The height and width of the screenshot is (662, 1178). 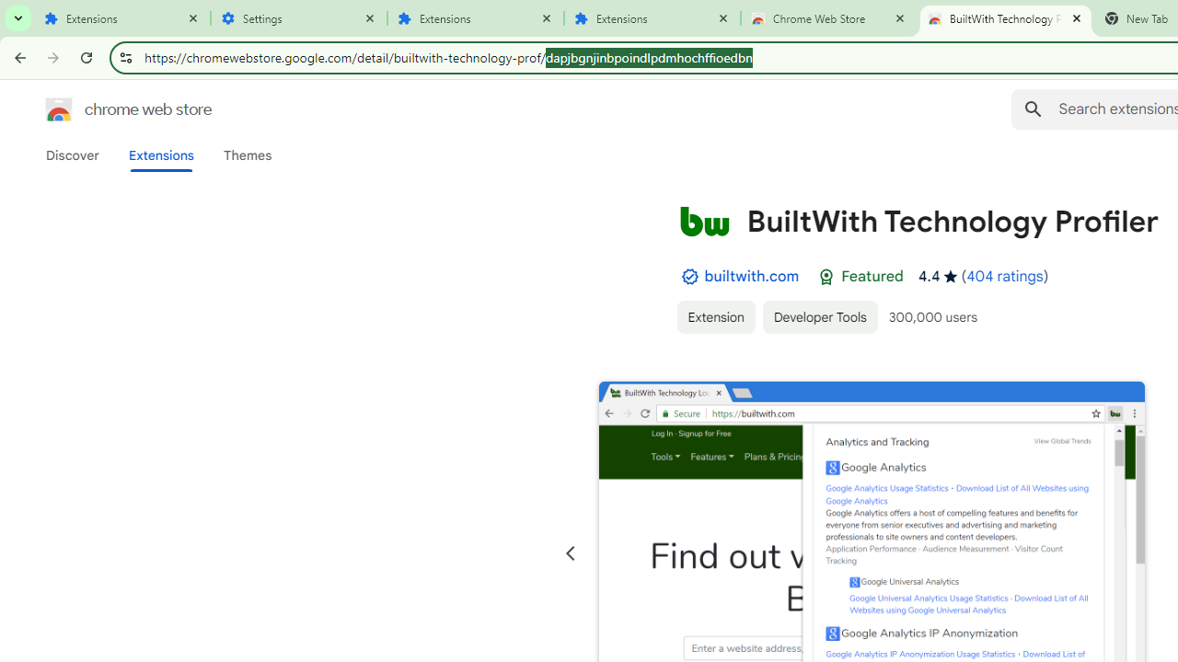 I want to click on 'Chrome Web Store', so click(x=828, y=18).